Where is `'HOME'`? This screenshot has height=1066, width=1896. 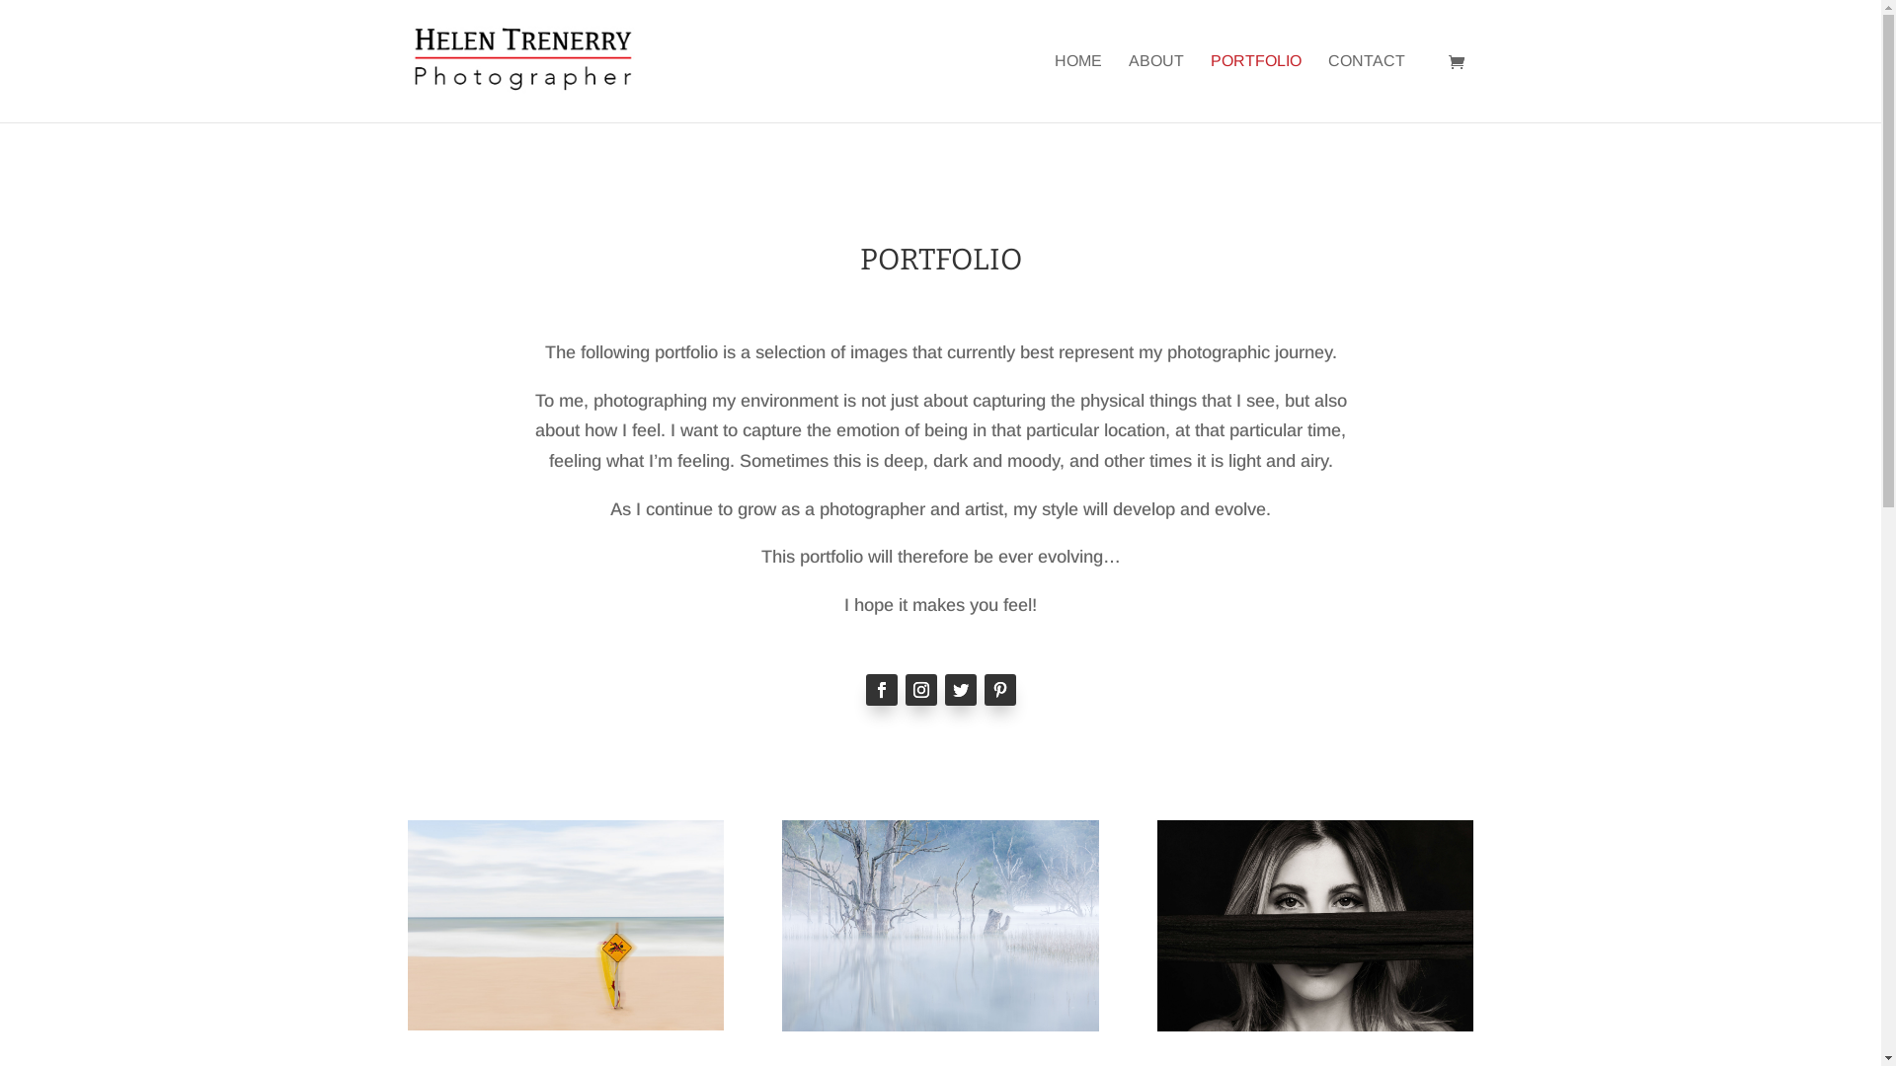 'HOME' is located at coordinates (1077, 87).